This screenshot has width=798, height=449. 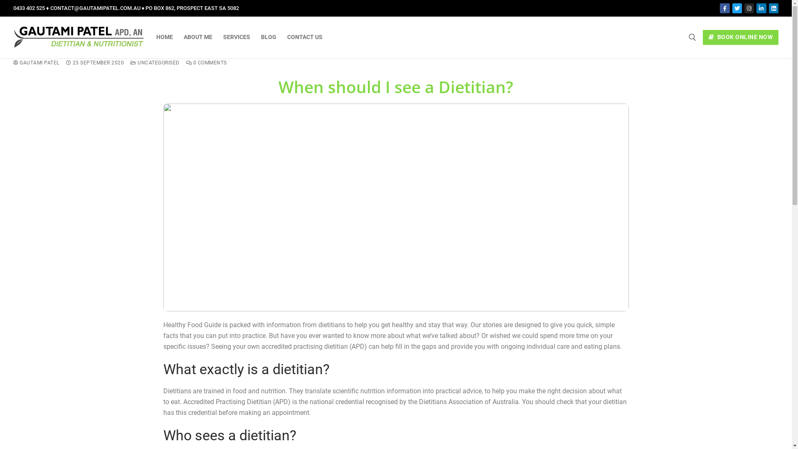 What do you see at coordinates (724, 8) in the screenshot?
I see `'Facebook'` at bounding box center [724, 8].